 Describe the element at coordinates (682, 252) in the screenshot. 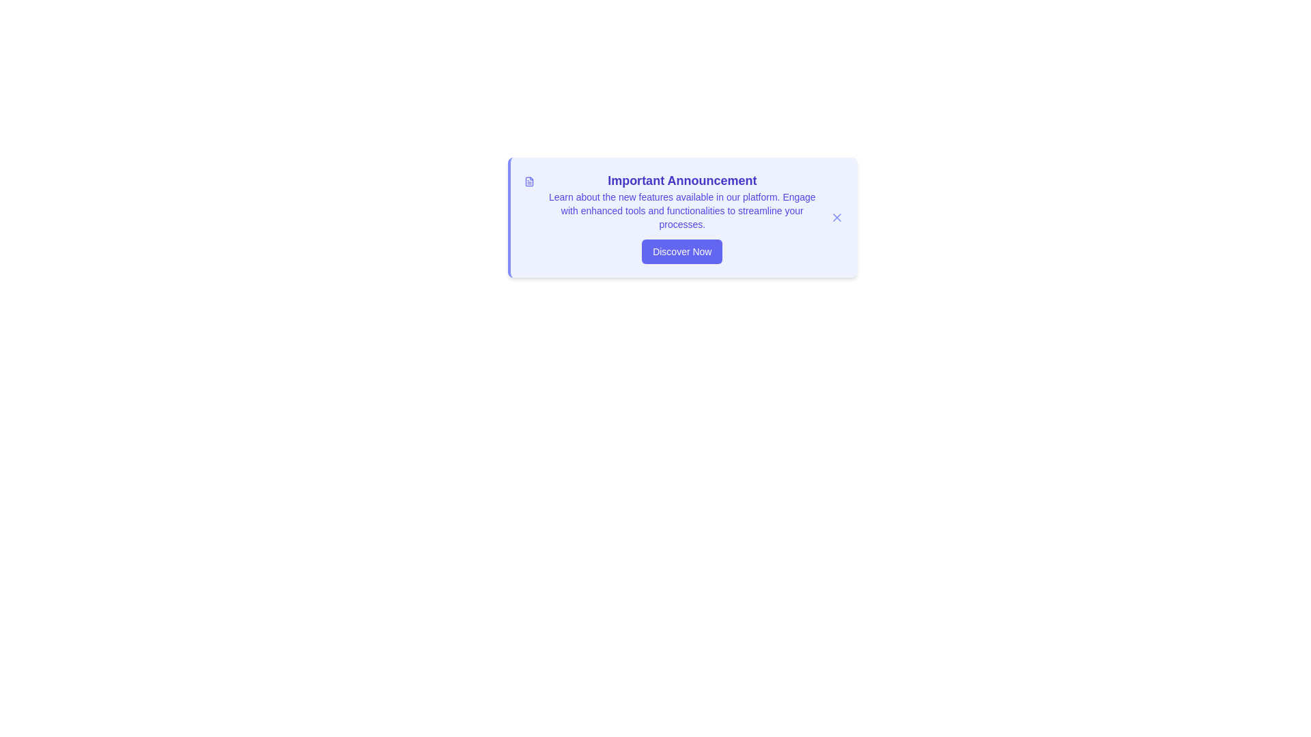

I see `'Discover Now' button` at that location.